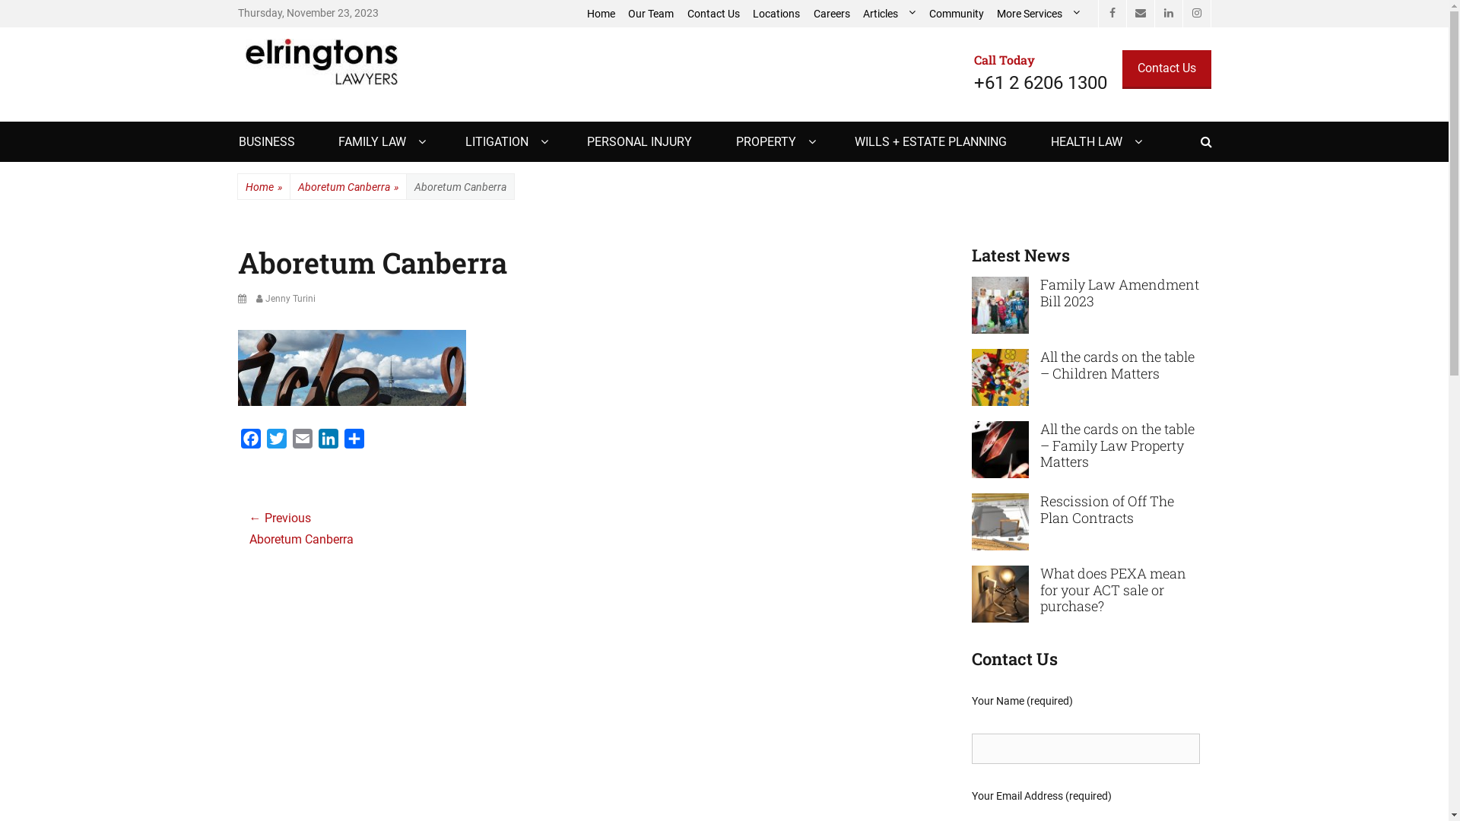  What do you see at coordinates (1167, 14) in the screenshot?
I see `'LinkedIn'` at bounding box center [1167, 14].